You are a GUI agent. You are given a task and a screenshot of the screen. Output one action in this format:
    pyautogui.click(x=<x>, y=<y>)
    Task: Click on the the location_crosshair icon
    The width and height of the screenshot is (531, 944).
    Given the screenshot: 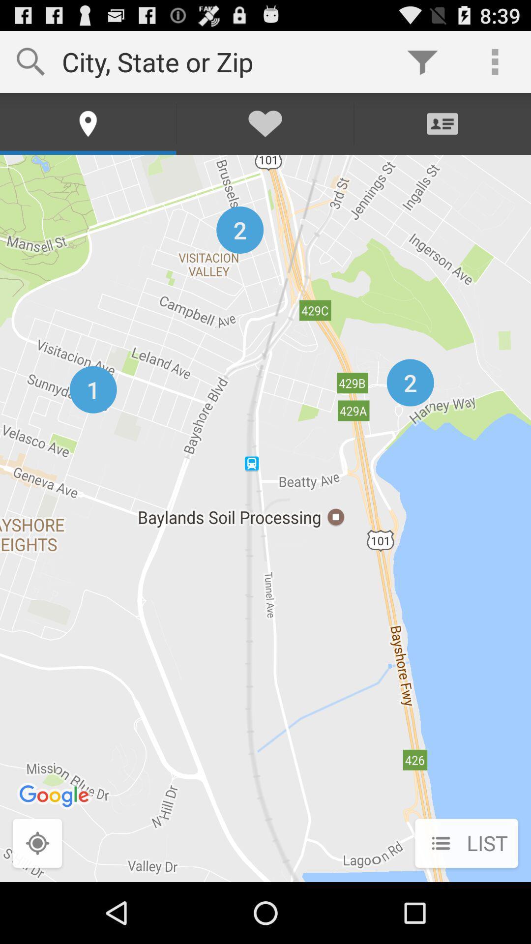 What is the action you would take?
    pyautogui.click(x=37, y=904)
    